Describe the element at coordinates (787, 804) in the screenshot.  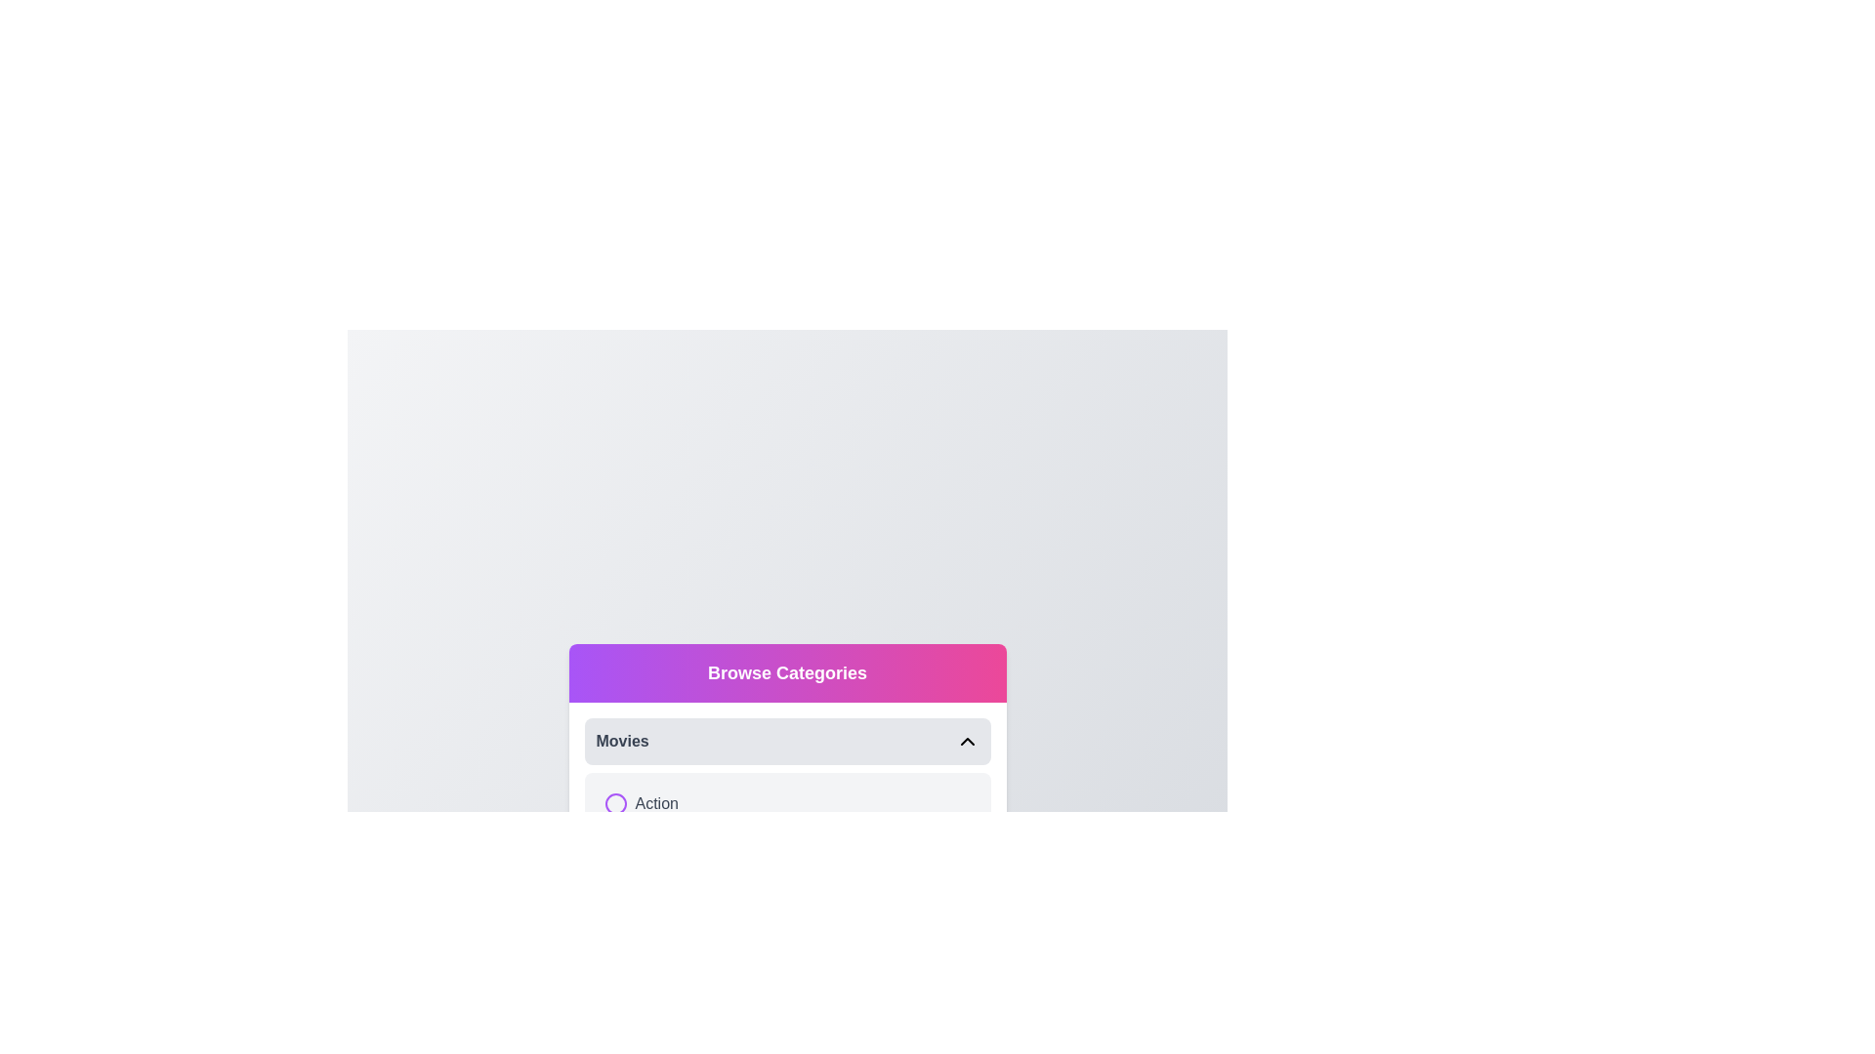
I see `the item Action to preview its options` at that location.